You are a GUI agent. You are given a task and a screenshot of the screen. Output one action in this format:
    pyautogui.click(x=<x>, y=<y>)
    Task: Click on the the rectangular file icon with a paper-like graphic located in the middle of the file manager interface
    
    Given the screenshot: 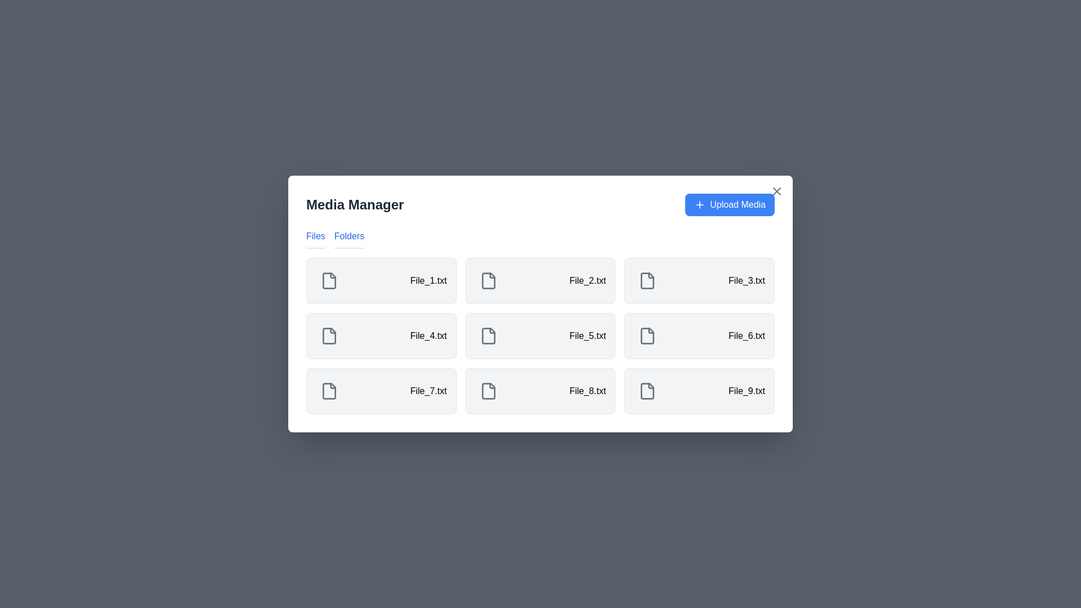 What is the action you would take?
    pyautogui.click(x=488, y=280)
    